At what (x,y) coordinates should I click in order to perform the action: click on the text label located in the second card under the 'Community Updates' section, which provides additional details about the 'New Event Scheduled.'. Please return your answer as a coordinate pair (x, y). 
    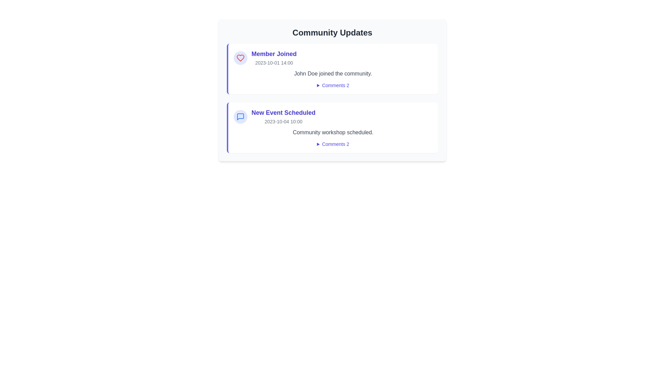
    Looking at the image, I should click on (333, 133).